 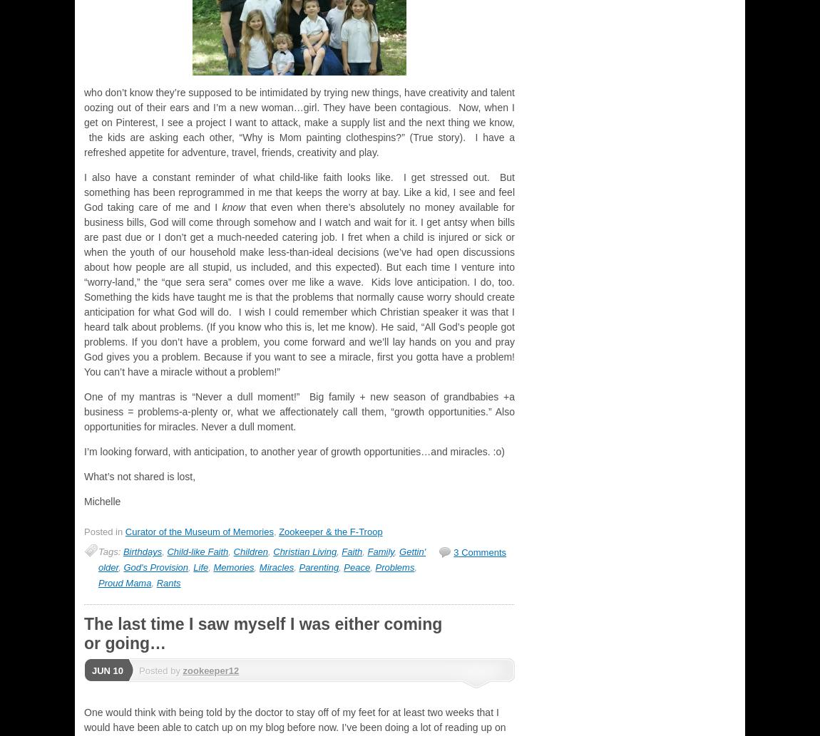 What do you see at coordinates (259, 567) in the screenshot?
I see `'Miracles'` at bounding box center [259, 567].